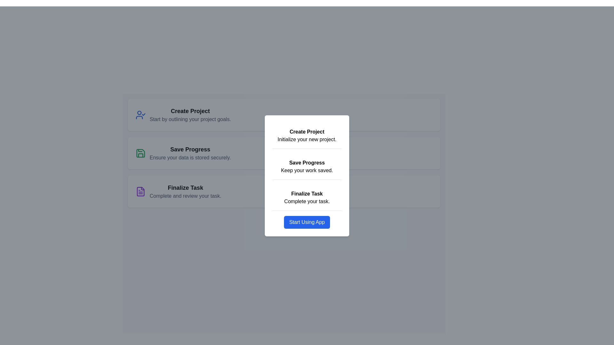 Image resolution: width=614 pixels, height=345 pixels. Describe the element at coordinates (190, 114) in the screenshot. I see `the 'Create Project' text block element that includes a bold title and a smaller subtitle within a white rectangular card at the top of the card set` at that location.